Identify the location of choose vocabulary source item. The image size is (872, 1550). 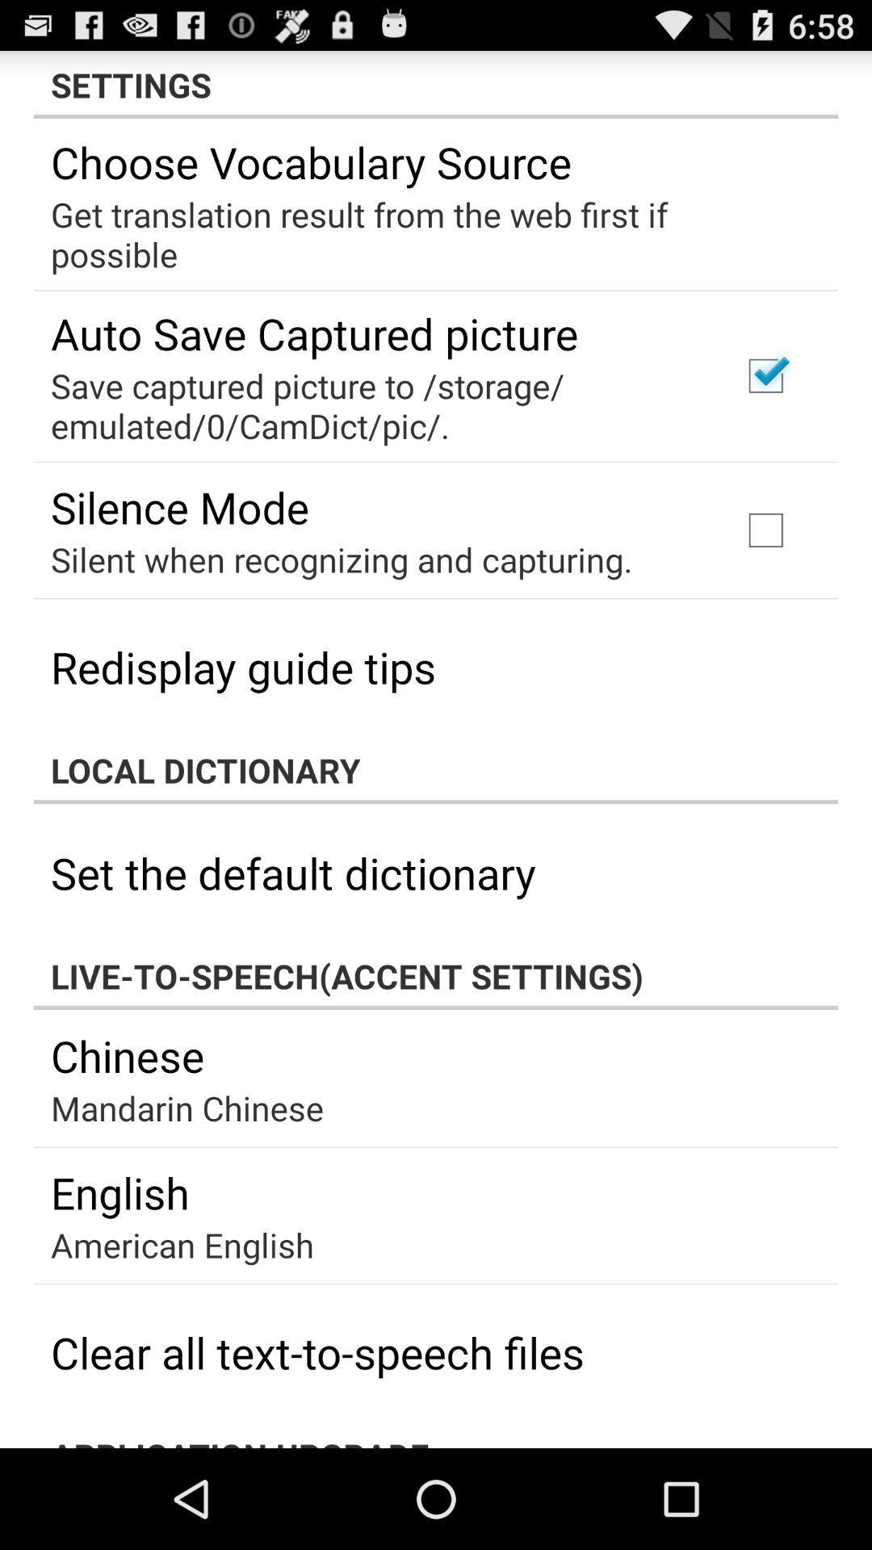
(311, 161).